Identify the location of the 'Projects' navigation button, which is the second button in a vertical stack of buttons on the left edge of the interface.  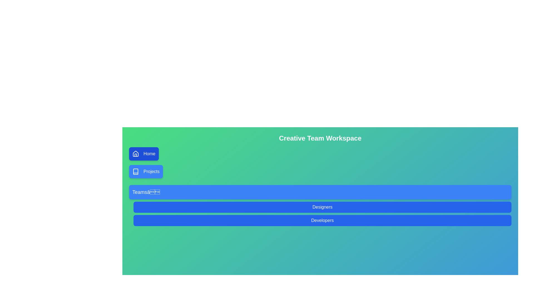
(146, 171).